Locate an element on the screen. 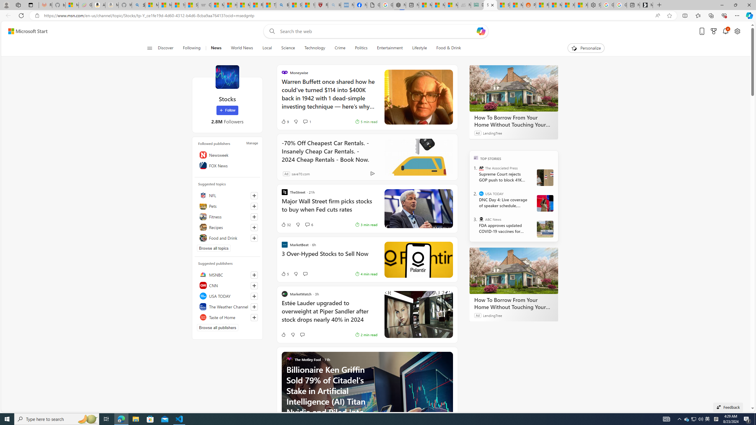 The image size is (756, 425). 'To get missing image descriptions, open the context menu.' is located at coordinates (574, 48).